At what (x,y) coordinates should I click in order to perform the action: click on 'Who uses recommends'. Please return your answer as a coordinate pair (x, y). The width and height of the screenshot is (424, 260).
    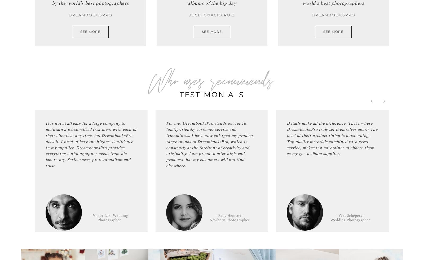
    Looking at the image, I should click on (212, 81).